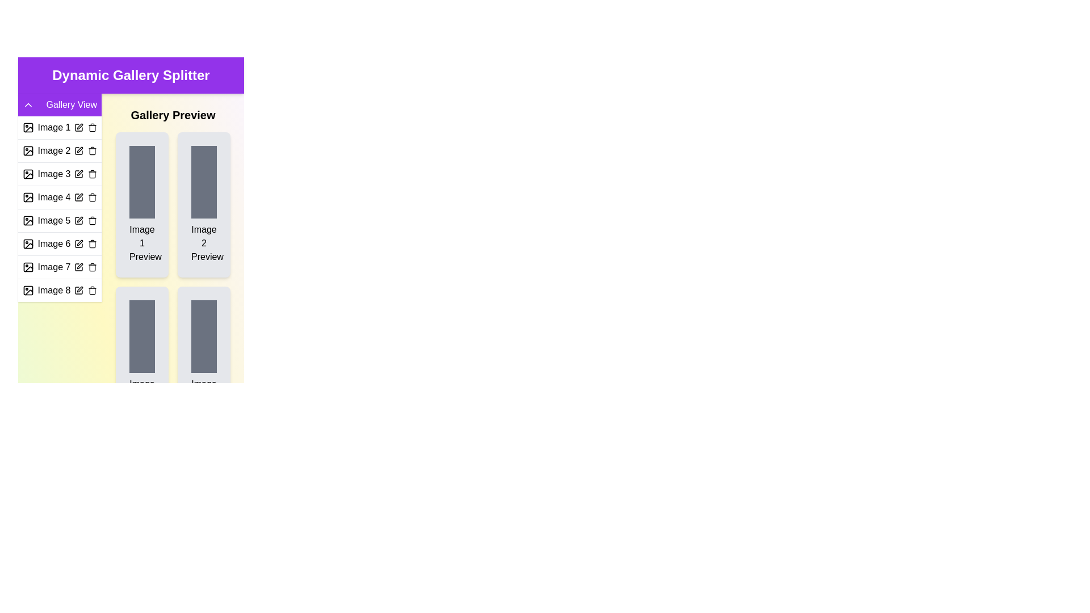 This screenshot has height=613, width=1090. What do you see at coordinates (131, 75) in the screenshot?
I see `text from the header labeled 'Dynamic Gallery Splitter' which has a bold purple background and white font, located at the top of the content area` at bounding box center [131, 75].